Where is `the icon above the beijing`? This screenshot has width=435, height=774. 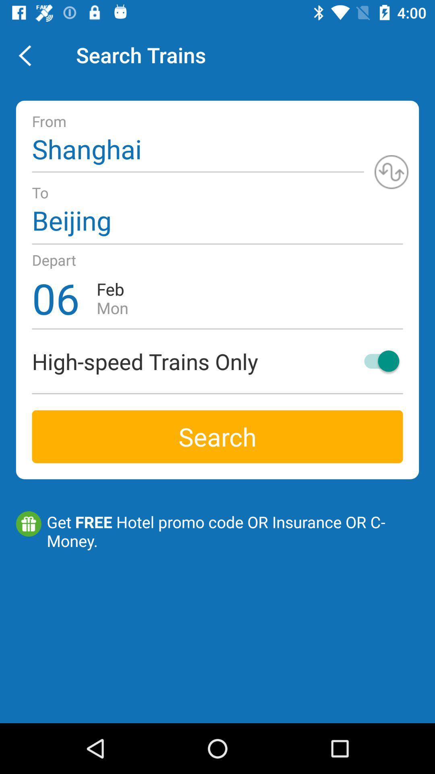 the icon above the beijing is located at coordinates (391, 171).